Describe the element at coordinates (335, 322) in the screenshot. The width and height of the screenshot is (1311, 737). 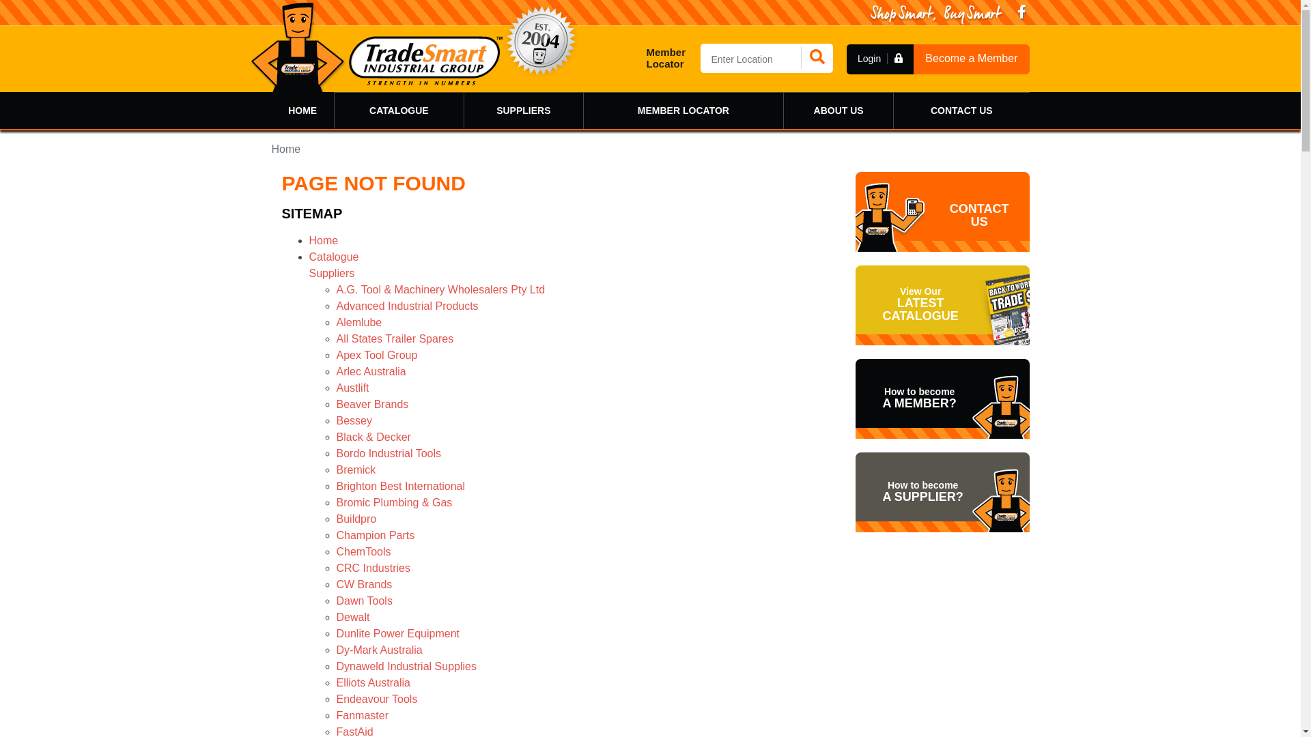
I see `'Alemlube'` at that location.